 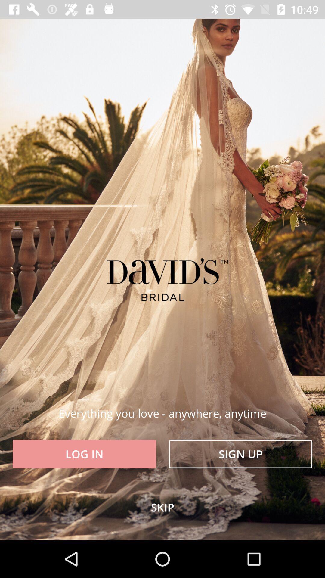 I want to click on the item next to log in icon, so click(x=240, y=454).